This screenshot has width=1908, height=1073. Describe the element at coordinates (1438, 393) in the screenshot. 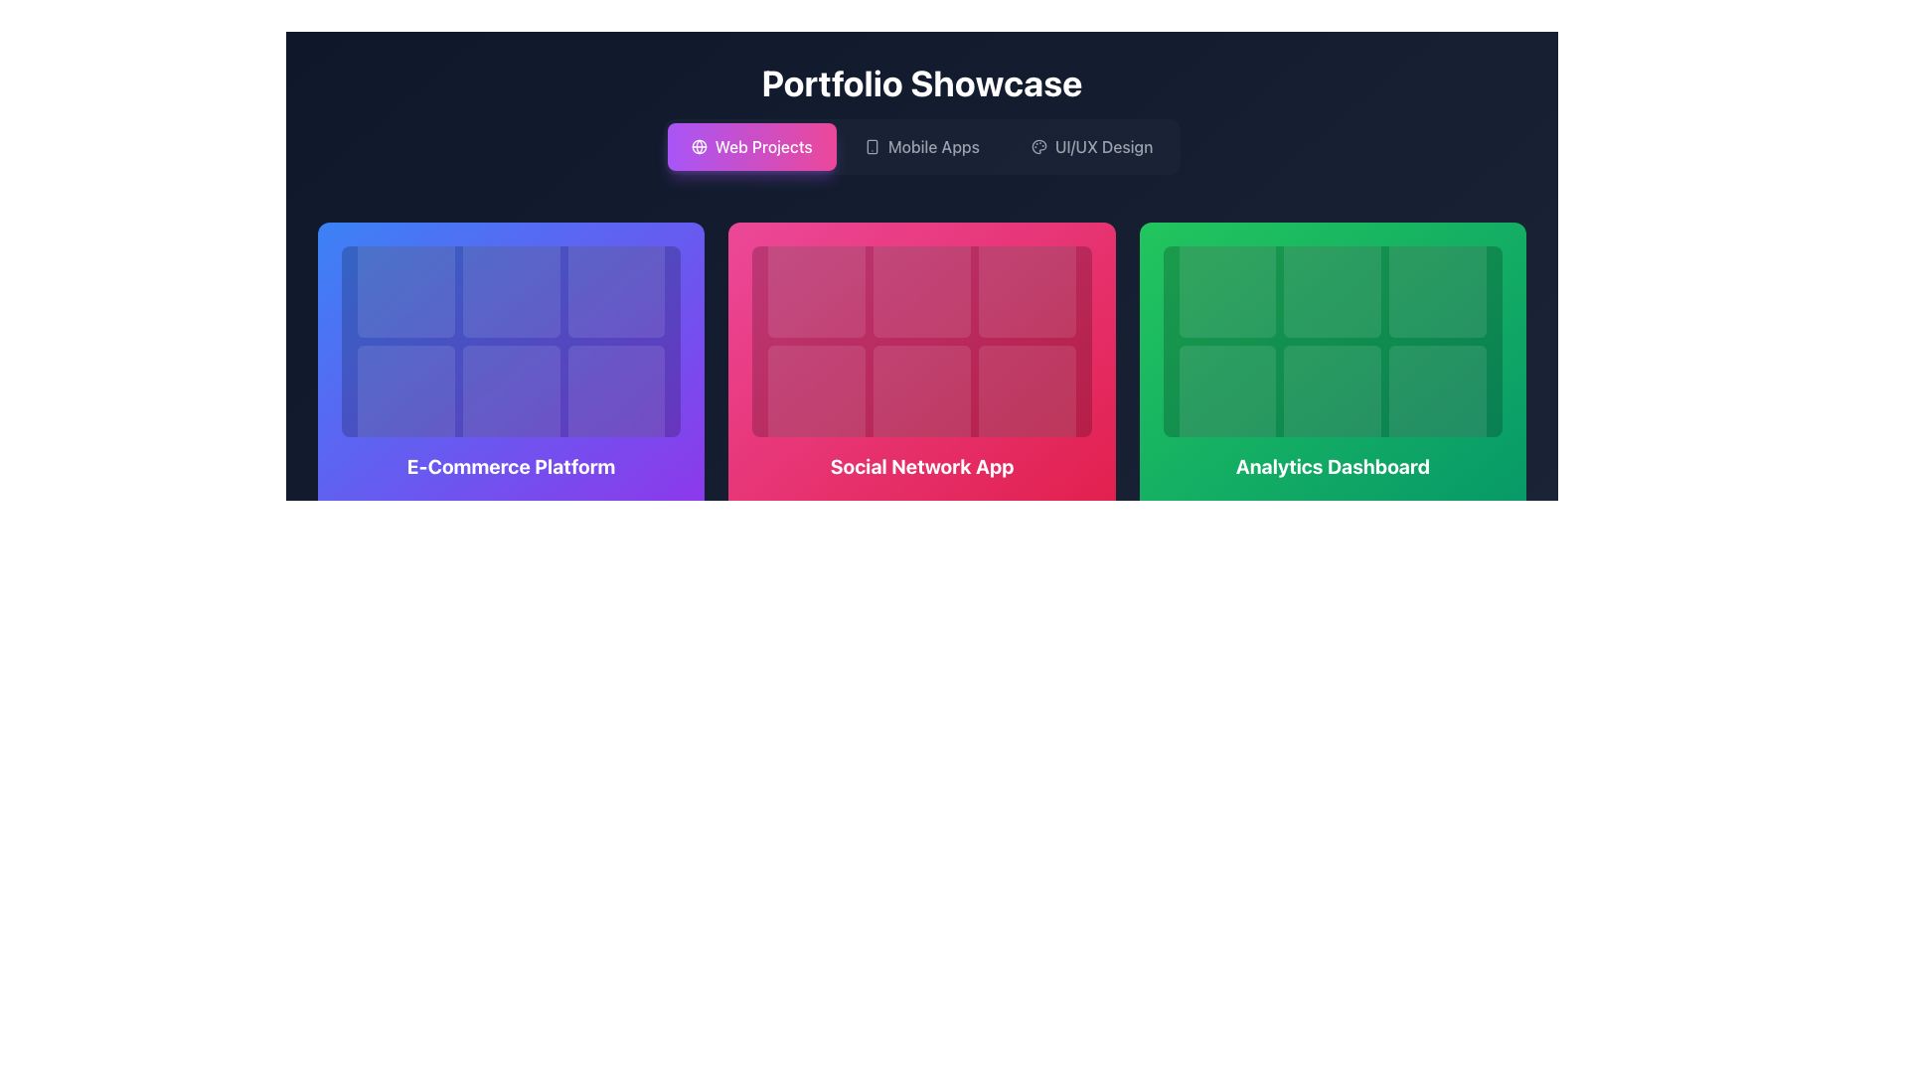

I see `the visual placeholder element located in the bottom-right corner of the 'Analytics Dashboard' card, which is the sixth square in a 3x2 grid layout` at that location.